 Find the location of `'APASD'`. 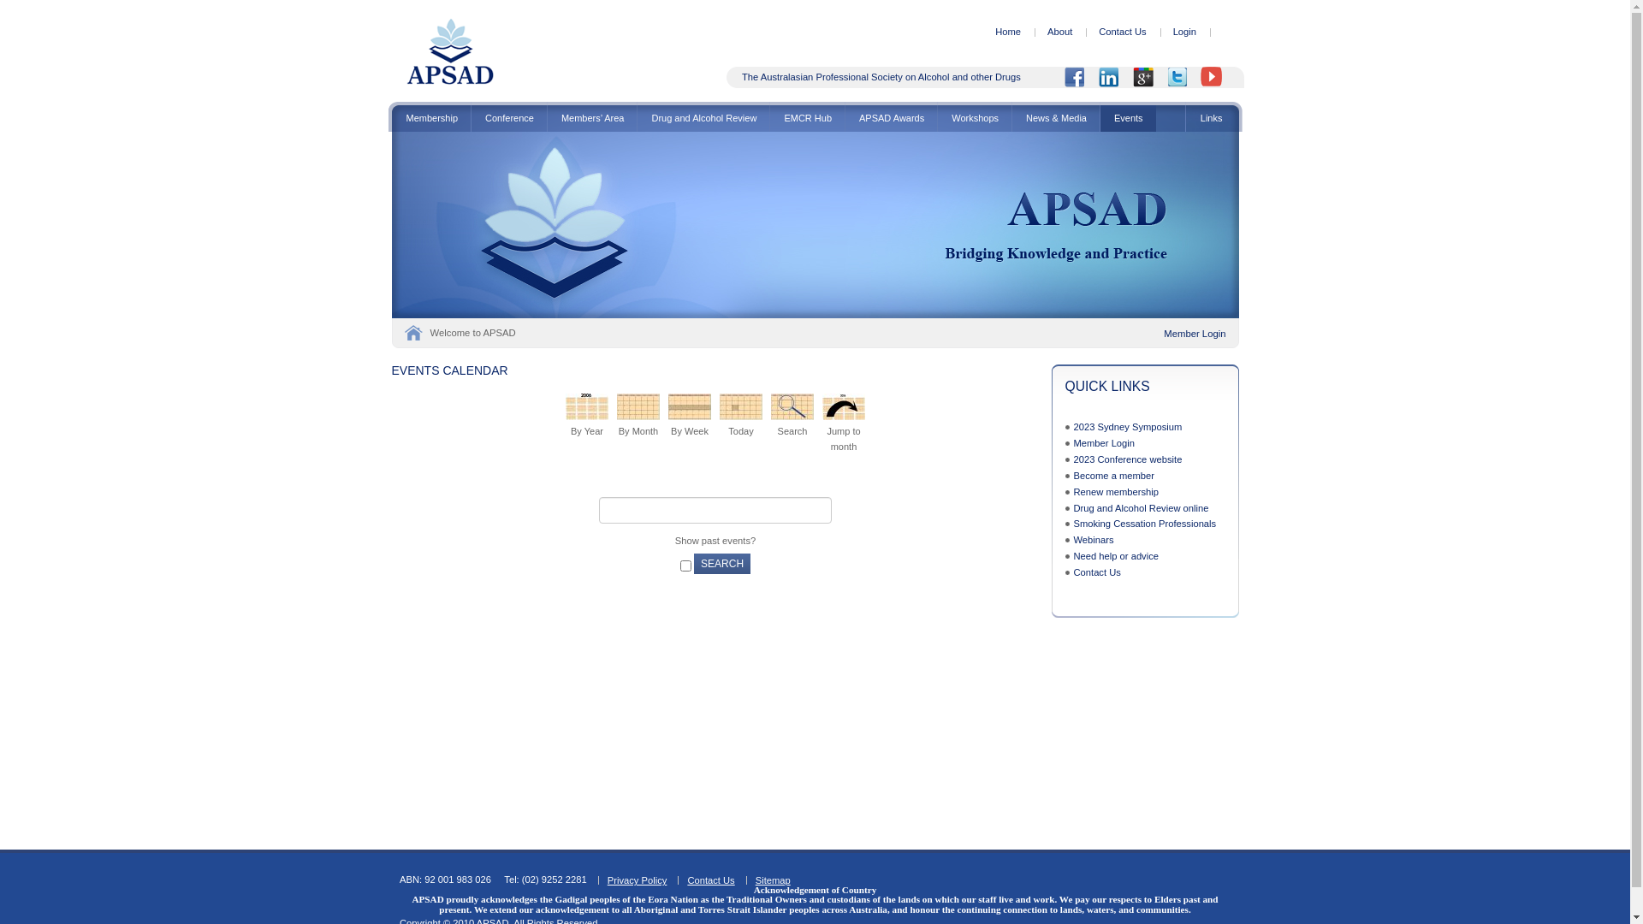

'APASD' is located at coordinates (449, 50).